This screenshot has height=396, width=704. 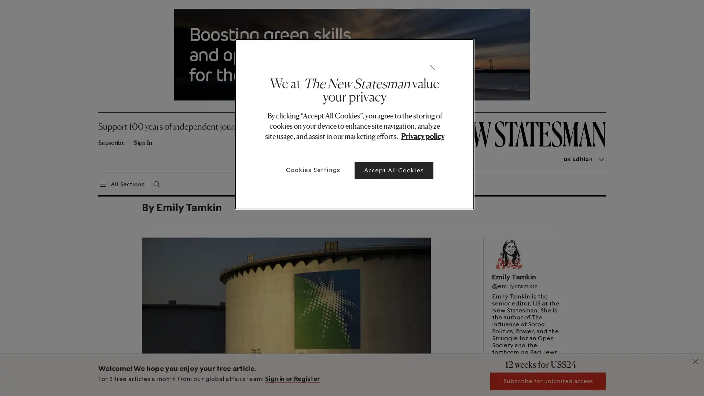 I want to click on Close, so click(x=433, y=68).